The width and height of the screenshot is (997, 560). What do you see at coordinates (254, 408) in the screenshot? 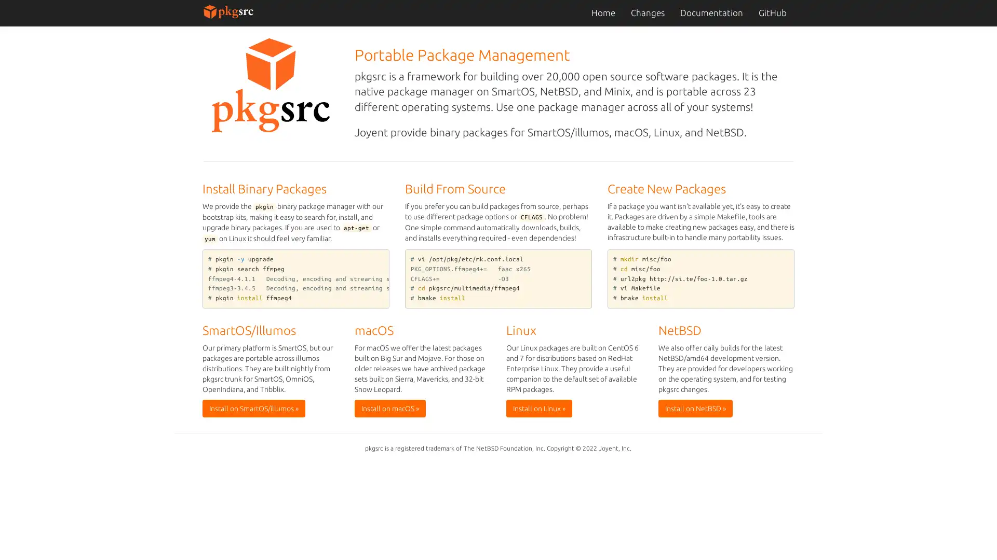
I see `Install on SmartOS/illumos` at bounding box center [254, 408].